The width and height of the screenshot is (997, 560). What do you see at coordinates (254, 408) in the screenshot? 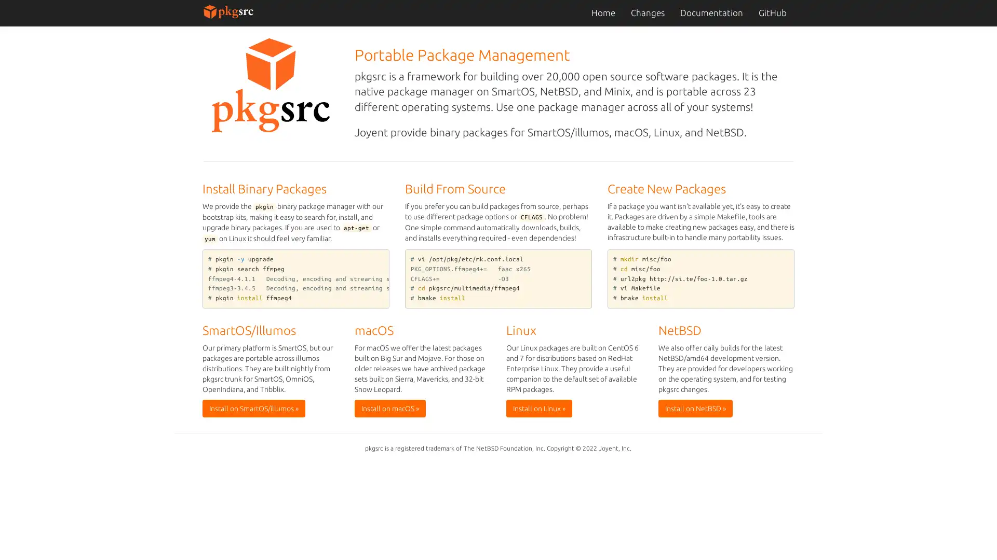
I see `Install on SmartOS/illumos` at bounding box center [254, 408].